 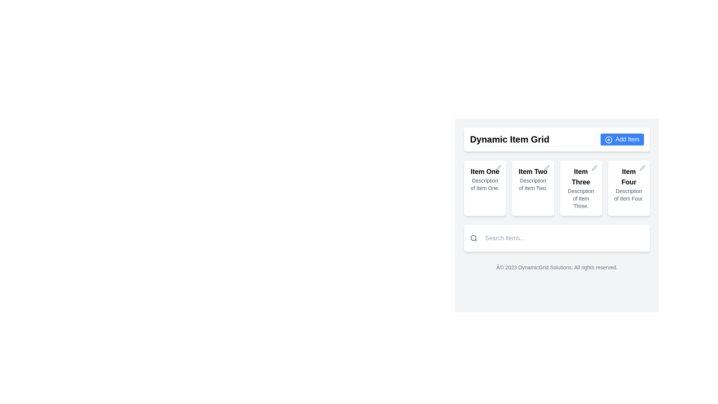 What do you see at coordinates (509, 140) in the screenshot?
I see `text from the Text Label that serves as the title or heading for the section, located to the left of the blue button labeled 'Add Item'` at bounding box center [509, 140].